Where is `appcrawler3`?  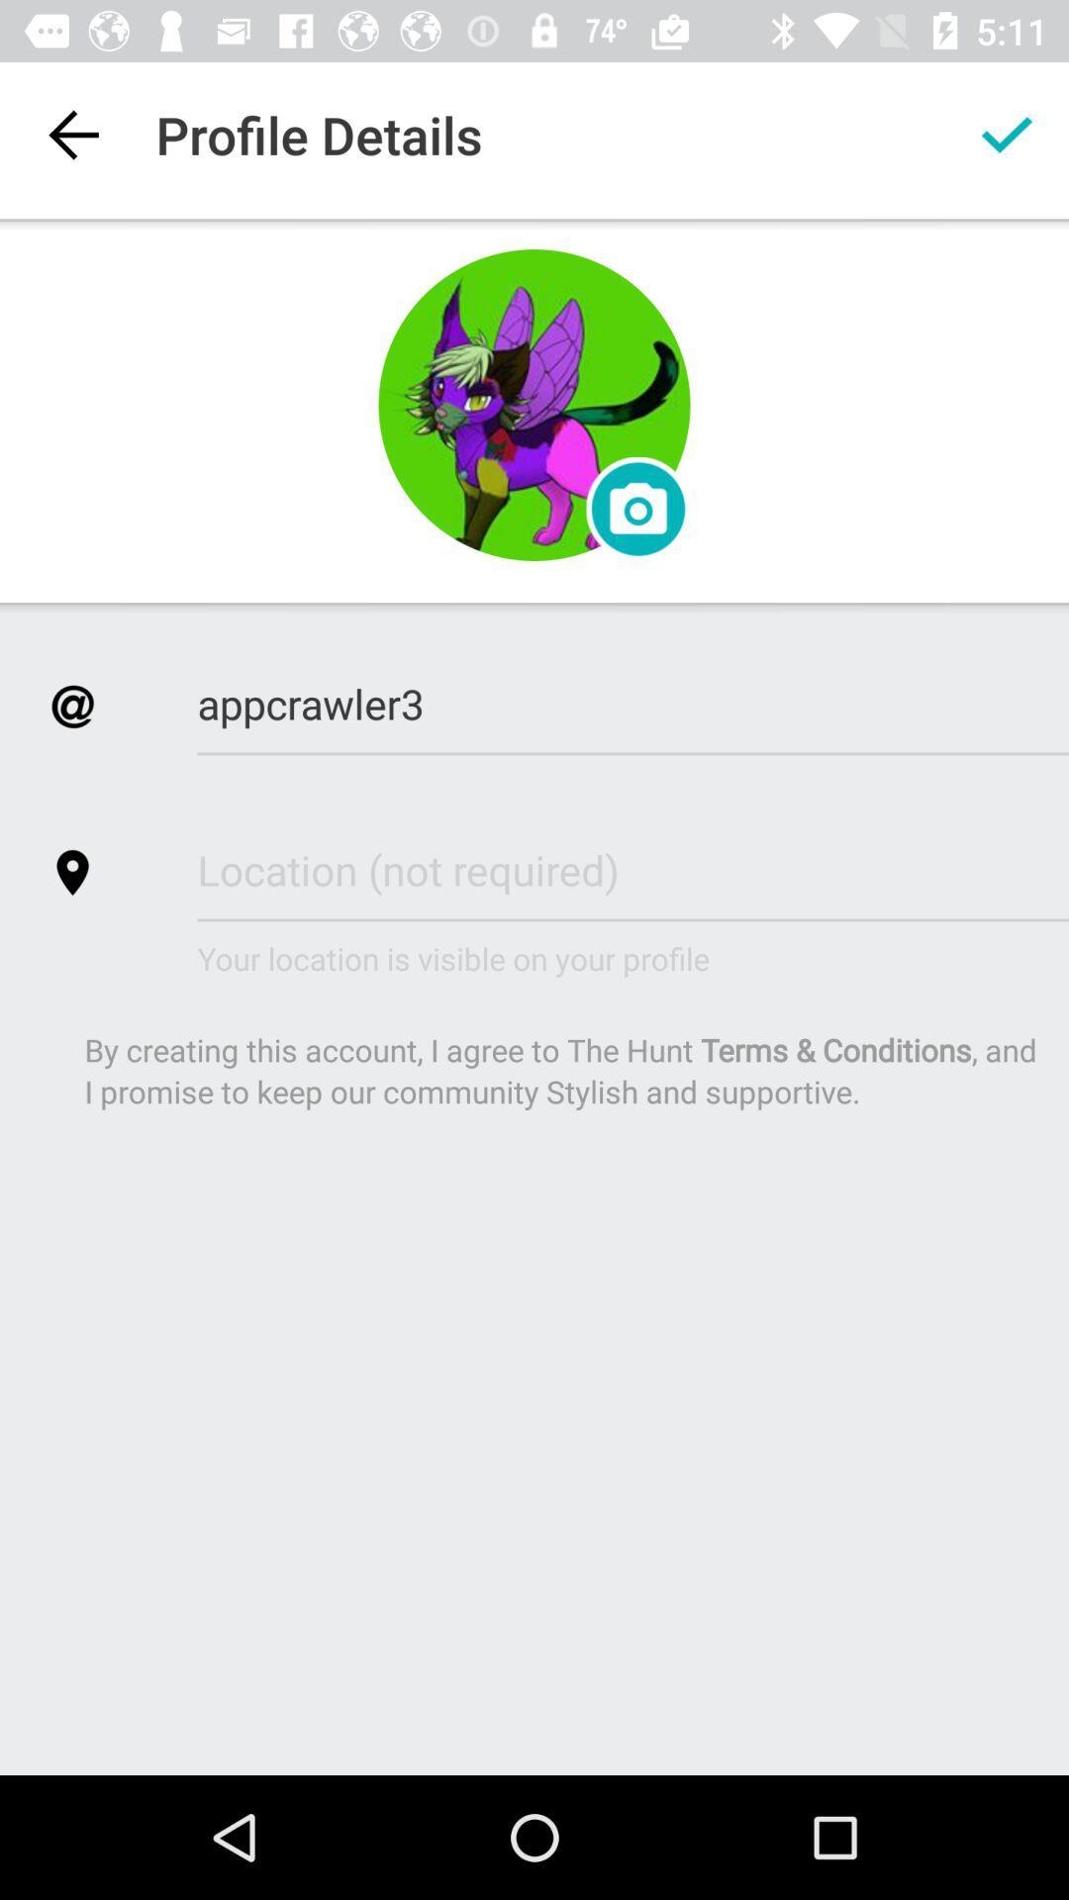 appcrawler3 is located at coordinates (633, 704).